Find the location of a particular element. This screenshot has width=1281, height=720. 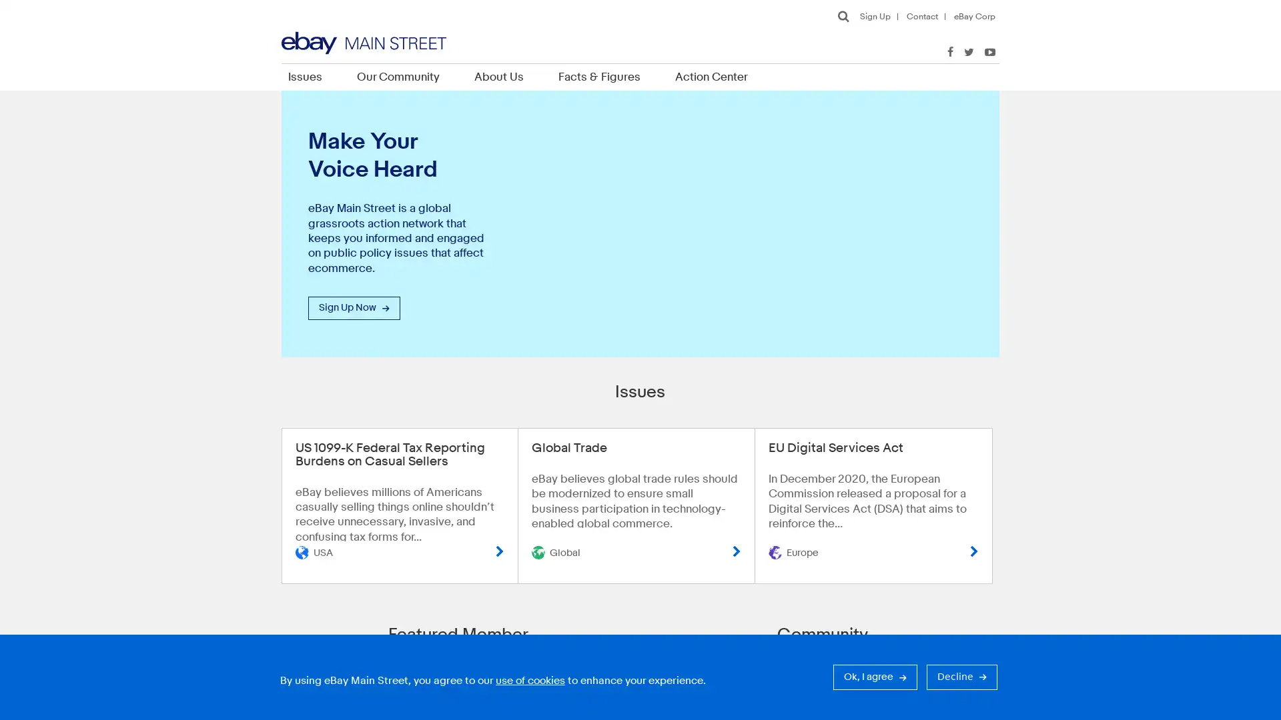

Ok, I agree is located at coordinates (875, 677).